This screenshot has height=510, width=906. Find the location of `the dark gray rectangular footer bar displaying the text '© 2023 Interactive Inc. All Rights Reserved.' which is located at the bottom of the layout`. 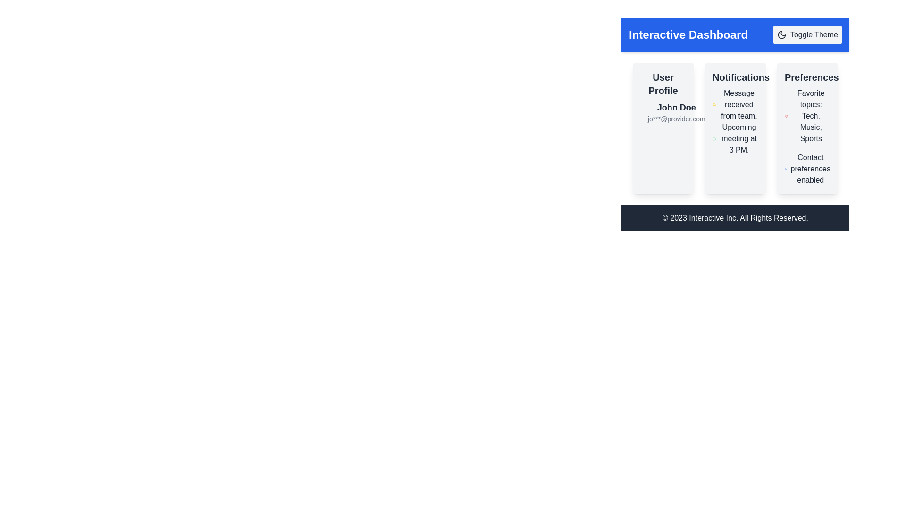

the dark gray rectangular footer bar displaying the text '© 2023 Interactive Inc. All Rights Reserved.' which is located at the bottom of the layout is located at coordinates (735, 218).